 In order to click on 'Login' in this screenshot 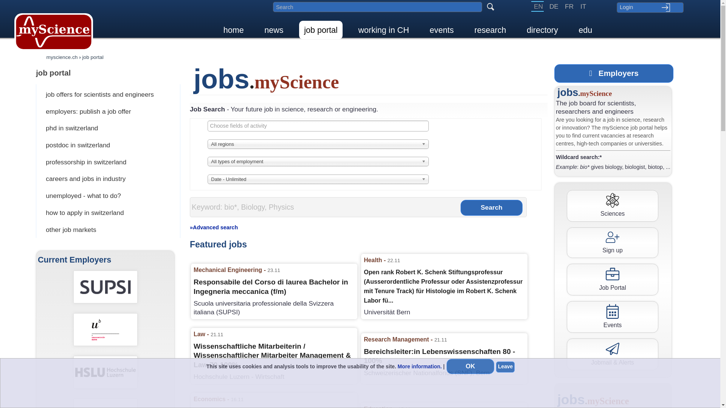, I will do `click(650, 7)`.